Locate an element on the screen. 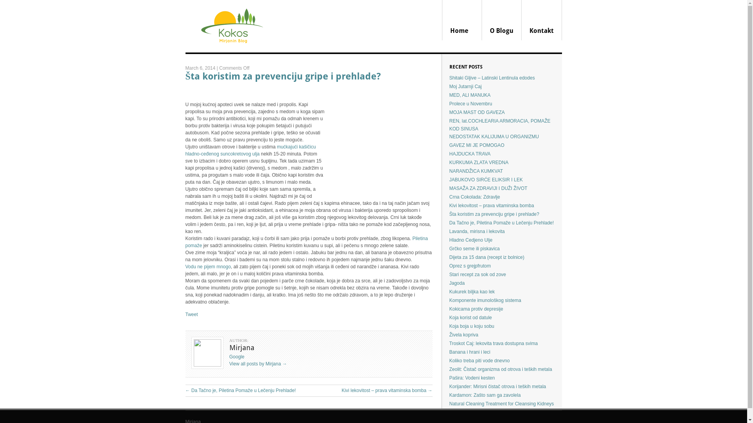 This screenshot has height=423, width=753. 'Moj Jutarnji Caj' is located at coordinates (449, 86).